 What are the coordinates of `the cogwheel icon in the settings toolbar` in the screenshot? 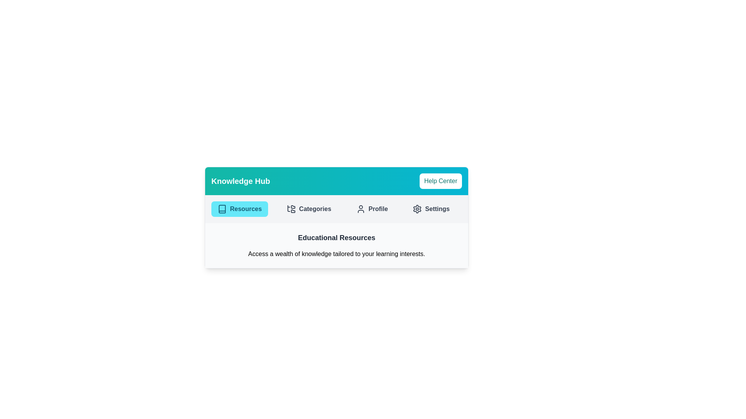 It's located at (417, 209).